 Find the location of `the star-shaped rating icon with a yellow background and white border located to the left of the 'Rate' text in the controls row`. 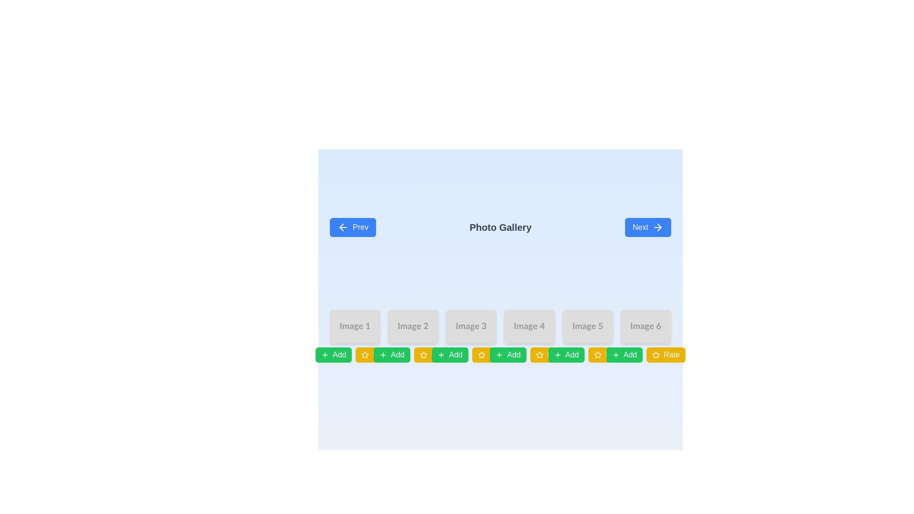

the star-shaped rating icon with a yellow background and white border located to the left of the 'Rate' text in the controls row is located at coordinates (597, 355).